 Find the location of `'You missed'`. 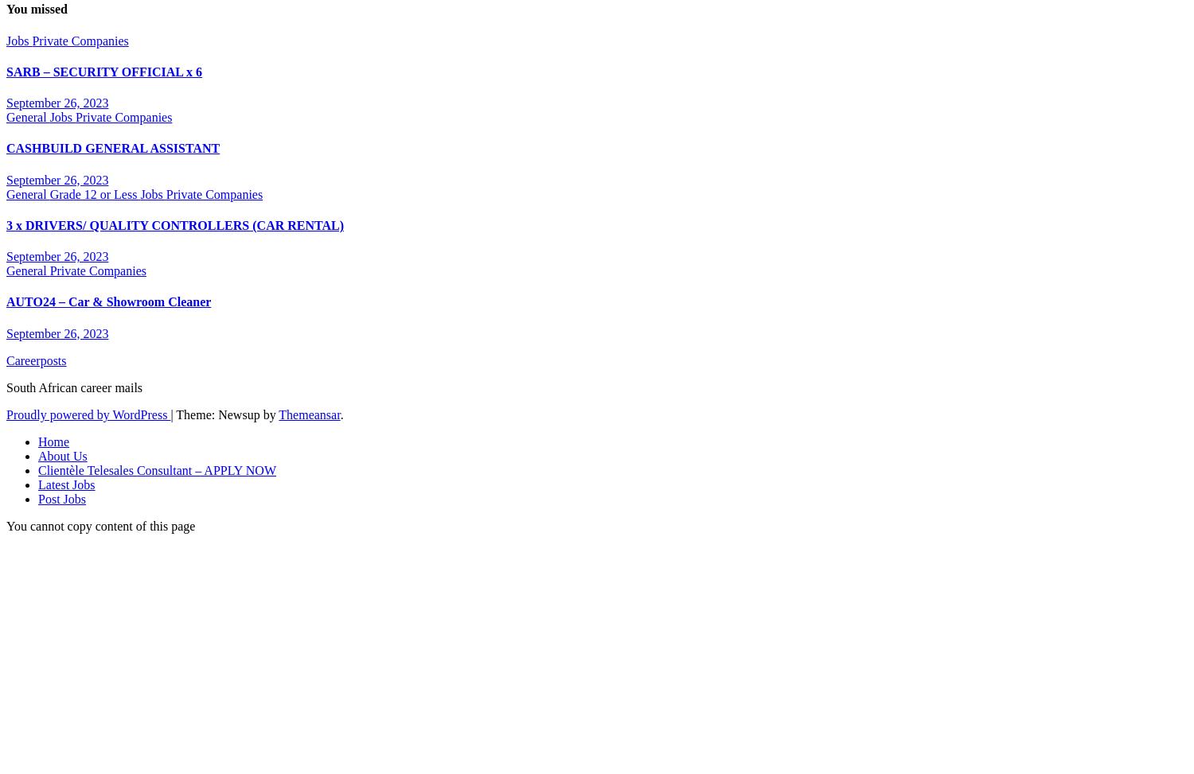

'You missed' is located at coordinates (37, 9).